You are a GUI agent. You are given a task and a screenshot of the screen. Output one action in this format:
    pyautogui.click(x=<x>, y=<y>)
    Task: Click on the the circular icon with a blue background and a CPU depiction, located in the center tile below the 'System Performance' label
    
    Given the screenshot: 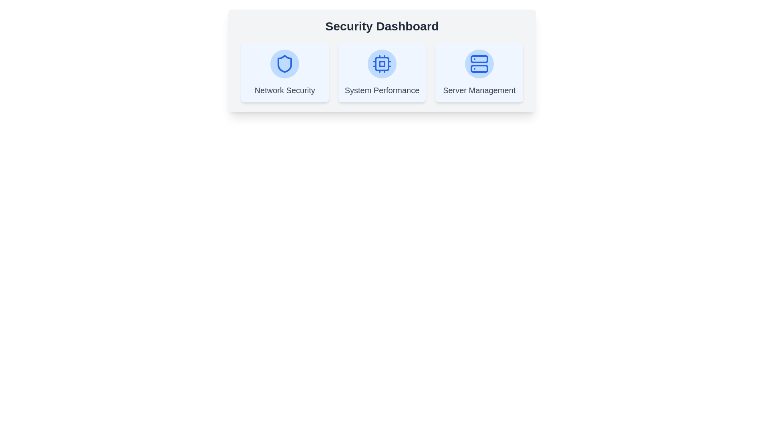 What is the action you would take?
    pyautogui.click(x=382, y=63)
    